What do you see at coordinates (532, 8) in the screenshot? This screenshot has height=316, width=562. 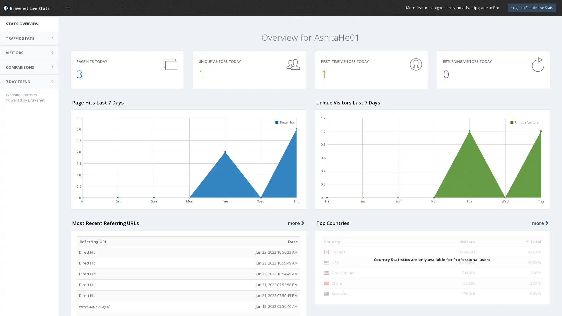 I see `Login to Enable Live Stats` at bounding box center [532, 8].